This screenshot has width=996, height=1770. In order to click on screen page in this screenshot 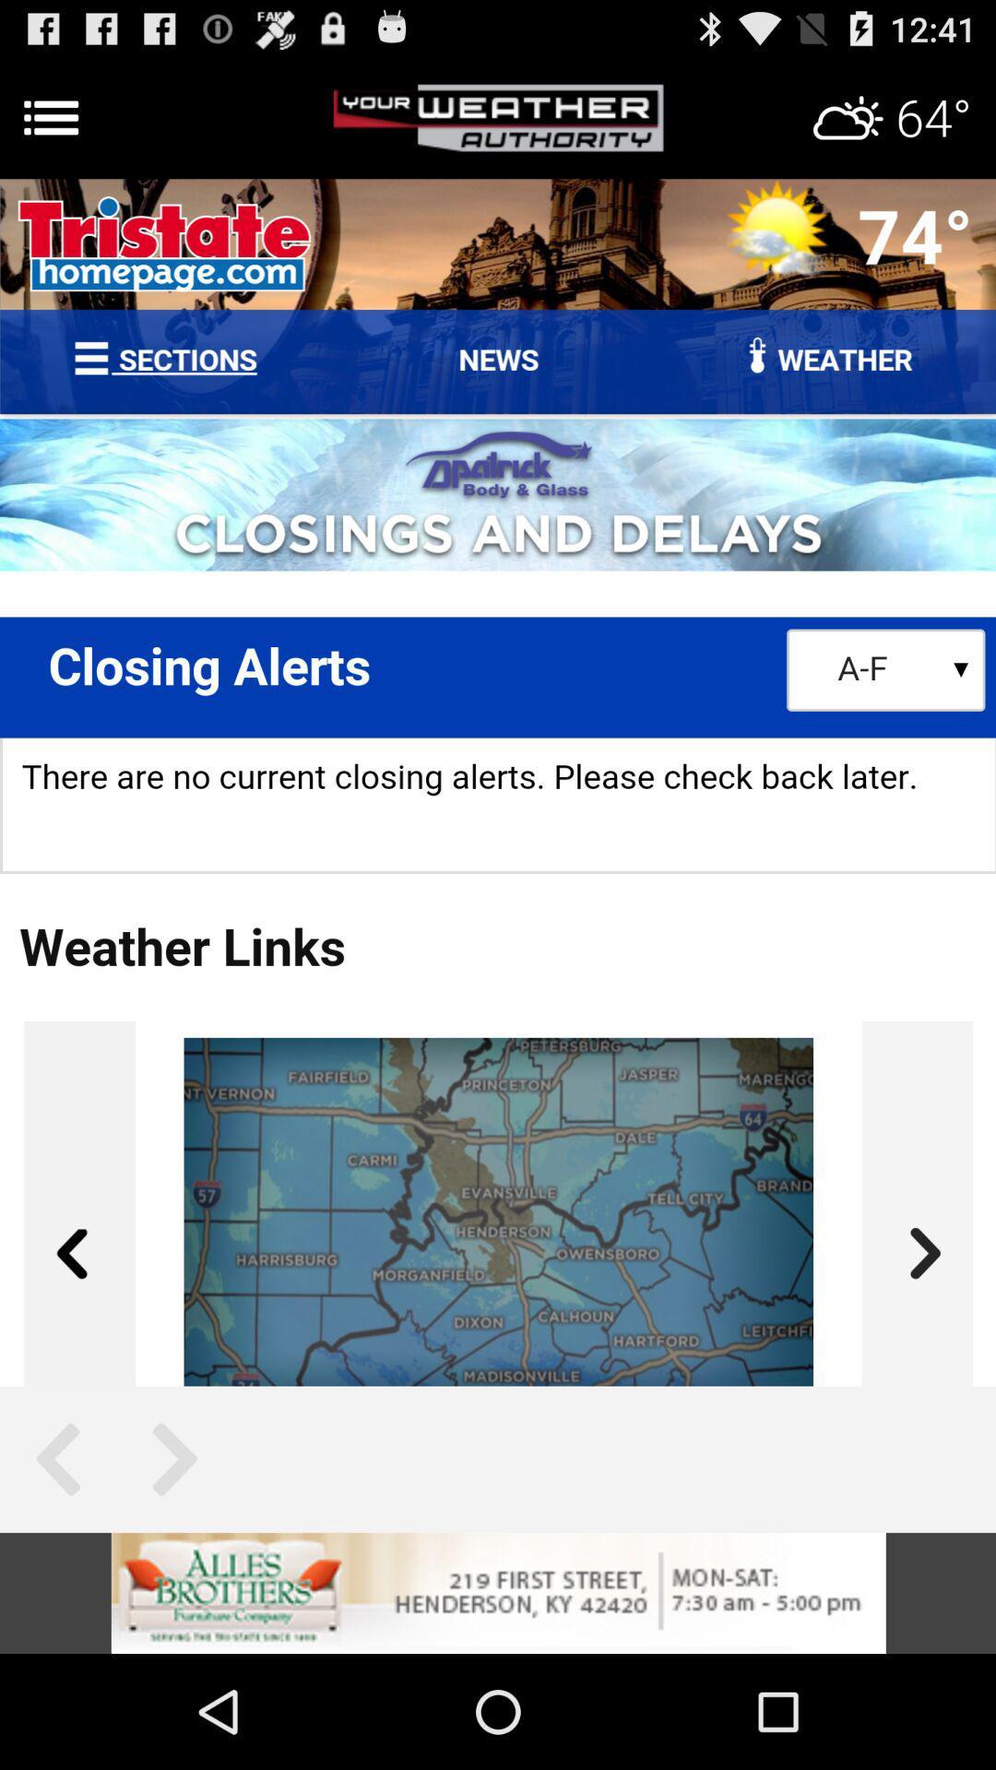, I will do `click(498, 783)`.